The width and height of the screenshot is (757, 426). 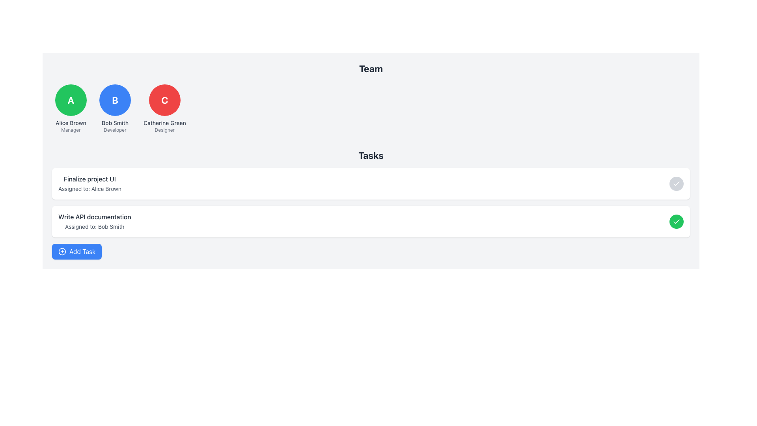 What do you see at coordinates (89, 189) in the screenshot?
I see `the Text Label that provides information about the individual assigned to the task, located beneath the task title 'Finalize project UI' in the 'Tasks' section` at bounding box center [89, 189].